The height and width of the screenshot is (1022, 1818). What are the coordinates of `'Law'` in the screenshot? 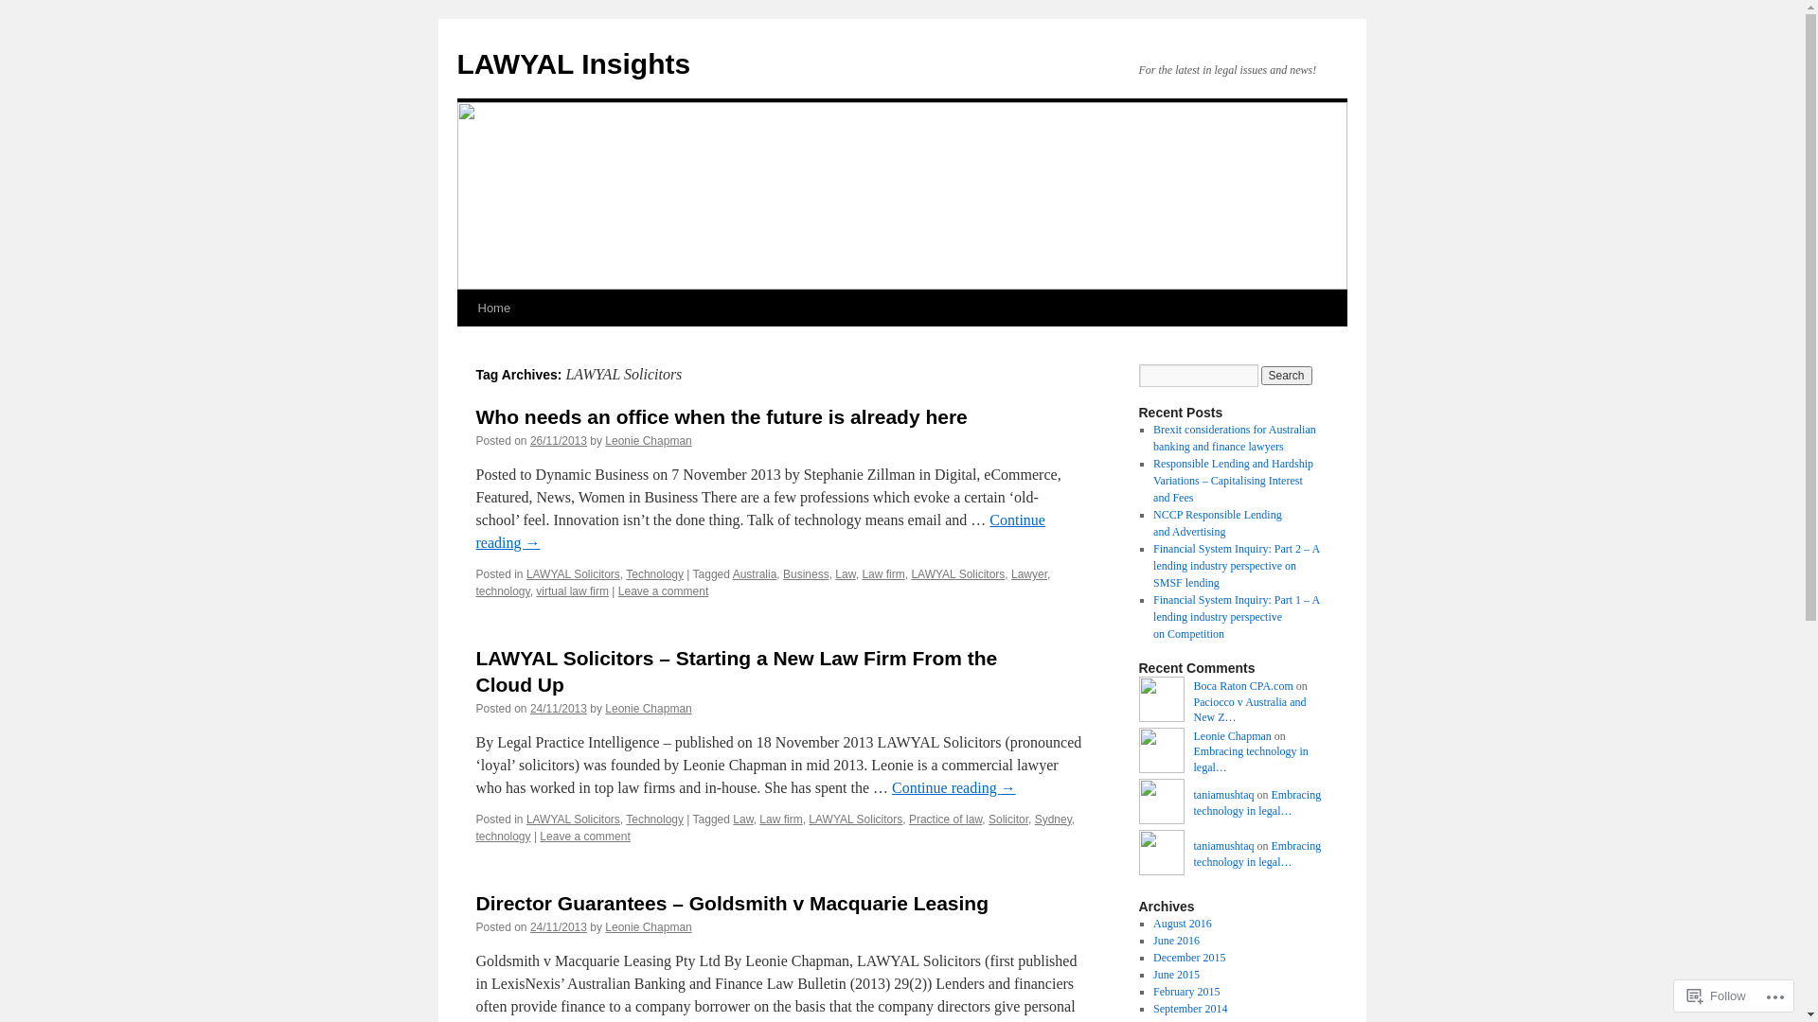 It's located at (844, 573).